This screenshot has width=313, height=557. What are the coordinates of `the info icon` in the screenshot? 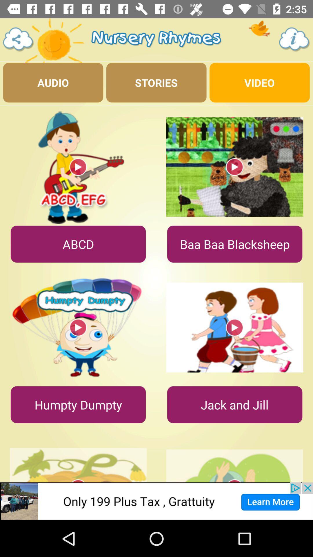 It's located at (294, 39).